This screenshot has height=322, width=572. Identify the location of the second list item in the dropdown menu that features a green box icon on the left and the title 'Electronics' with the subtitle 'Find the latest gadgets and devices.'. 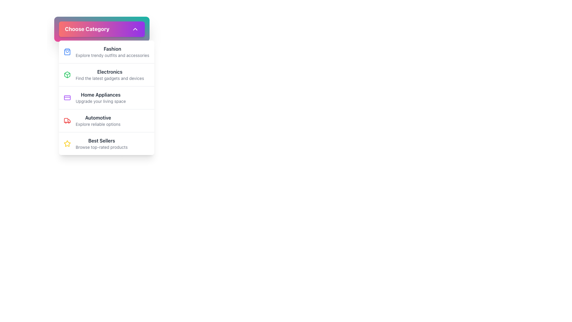
(107, 74).